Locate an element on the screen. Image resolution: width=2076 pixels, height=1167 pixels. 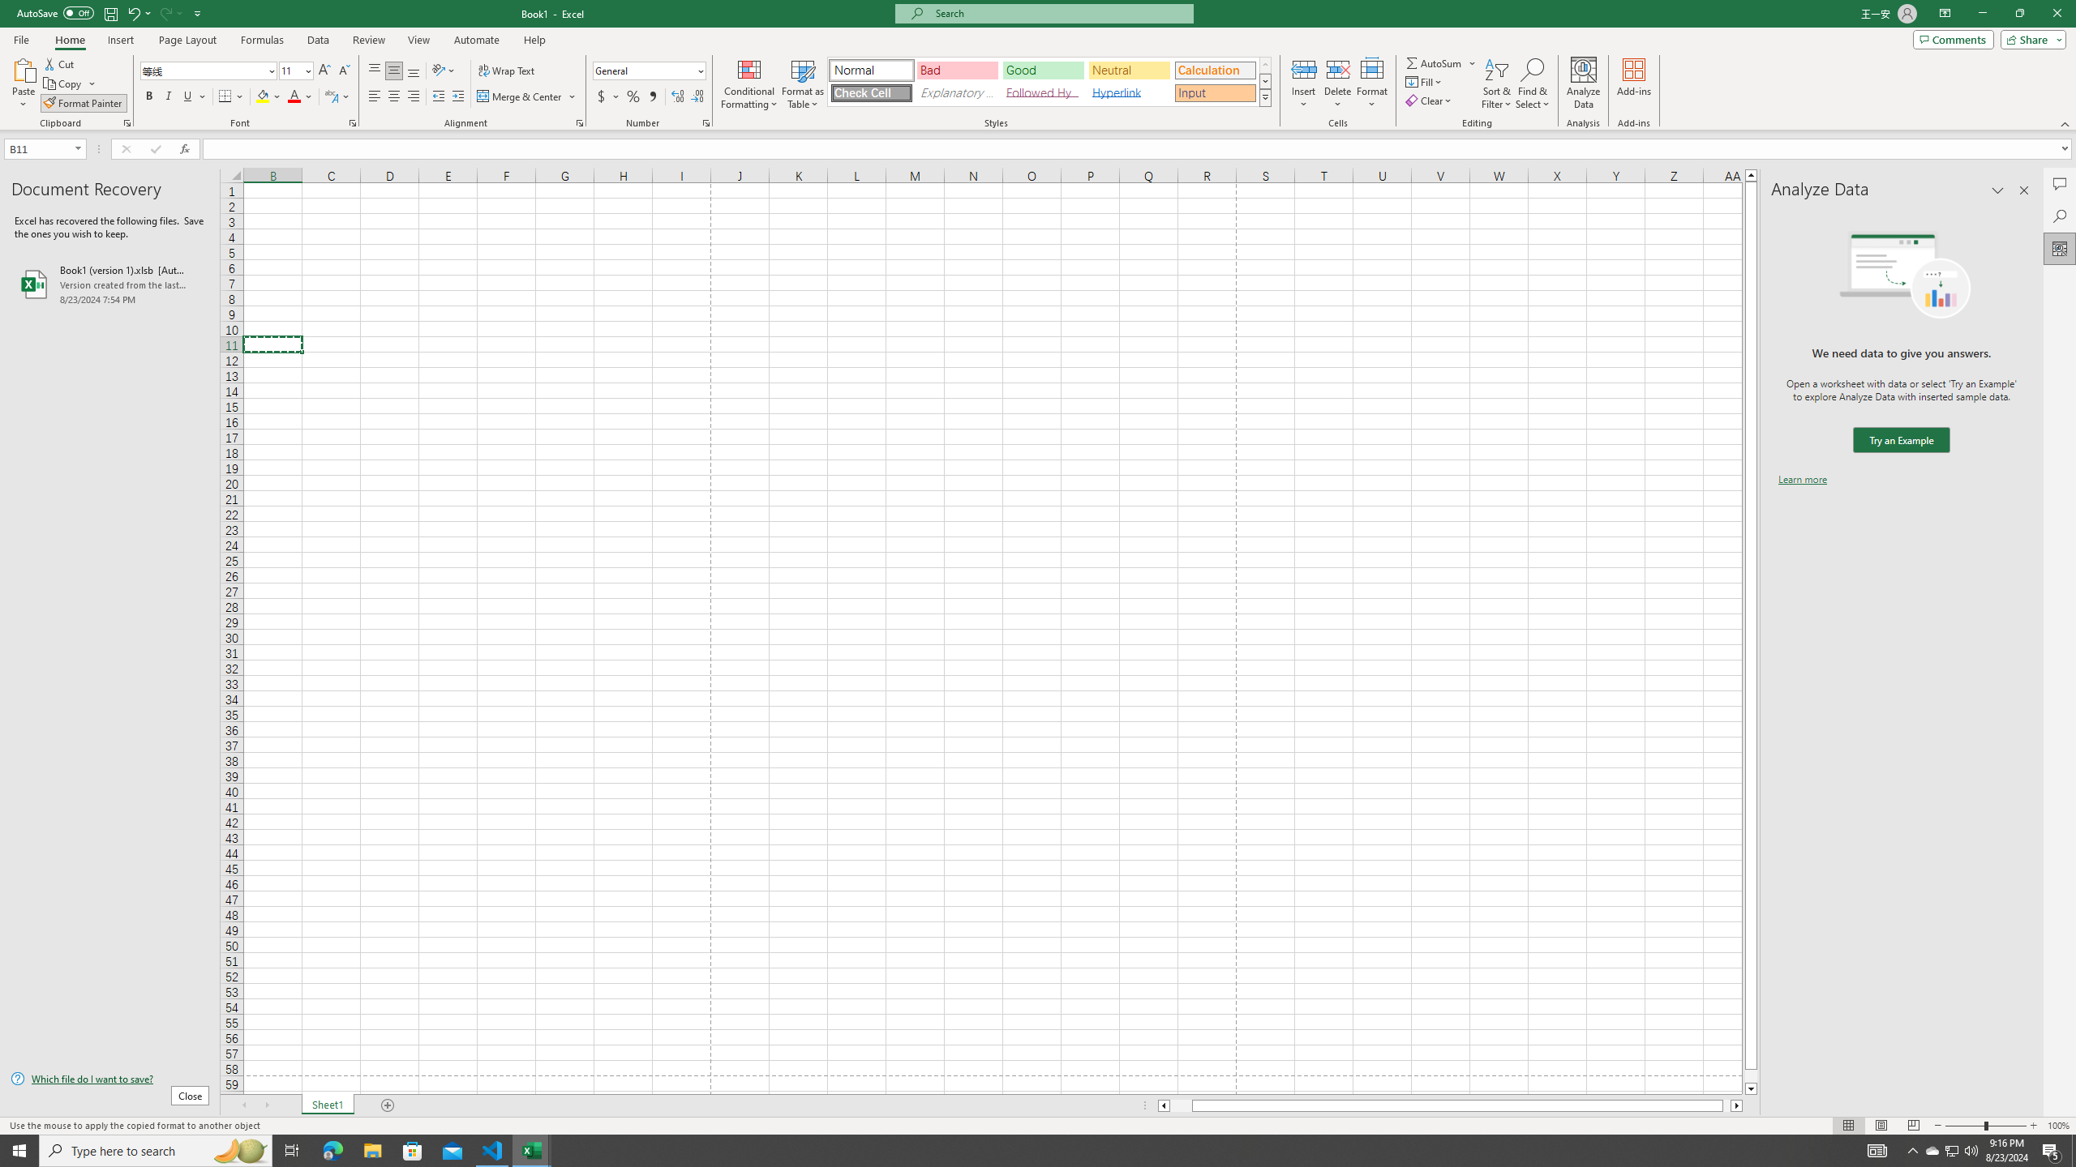
'Page left' is located at coordinates (1180, 1105).